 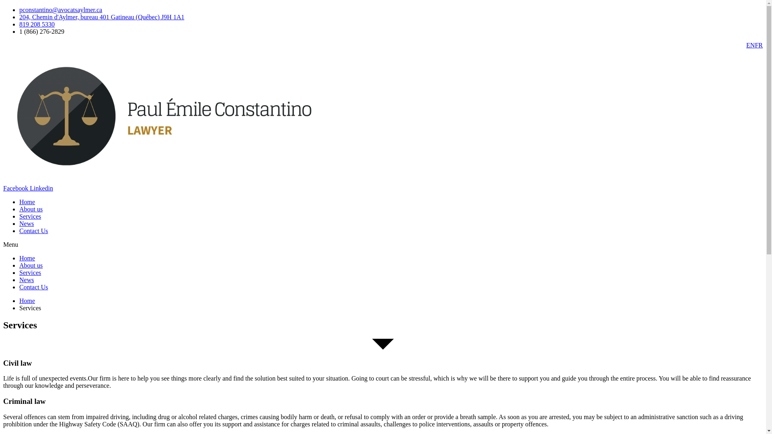 What do you see at coordinates (30, 216) in the screenshot?
I see `'Services'` at bounding box center [30, 216].